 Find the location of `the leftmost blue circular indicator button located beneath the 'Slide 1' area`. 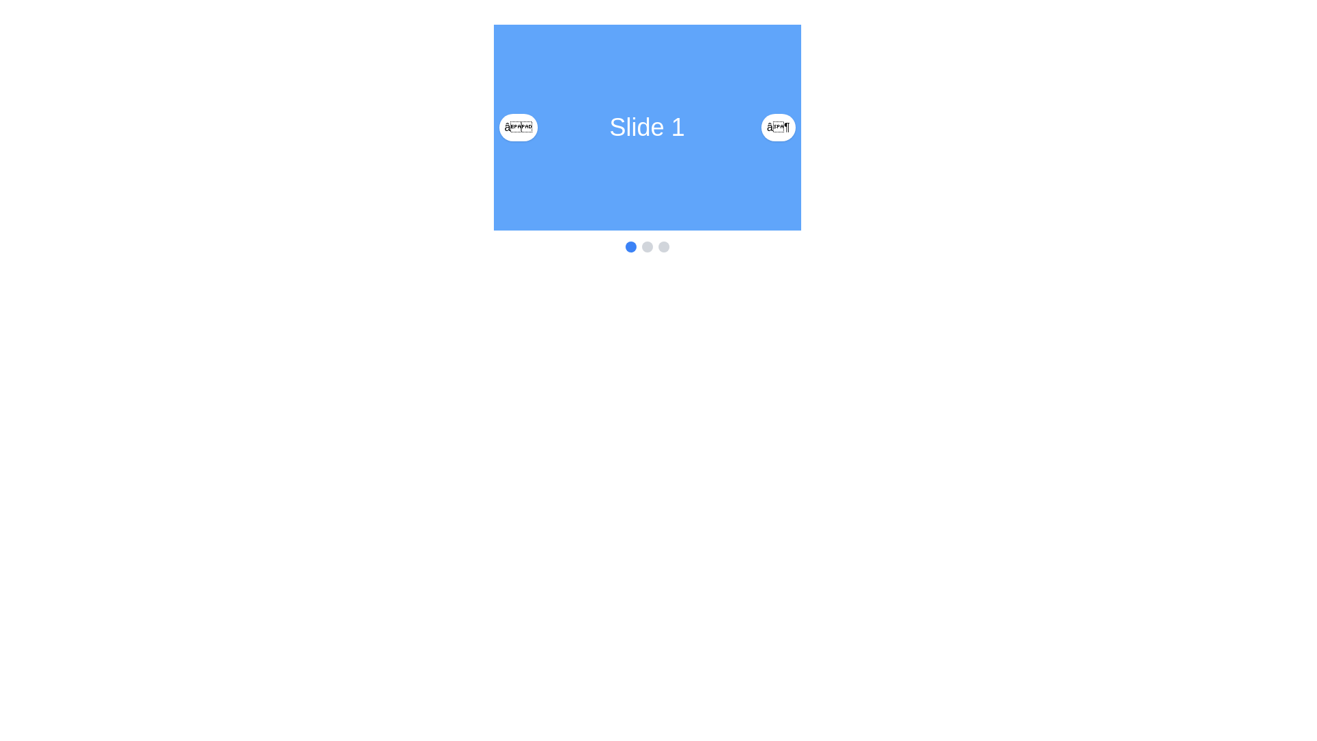

the leftmost blue circular indicator button located beneath the 'Slide 1' area is located at coordinates (630, 246).